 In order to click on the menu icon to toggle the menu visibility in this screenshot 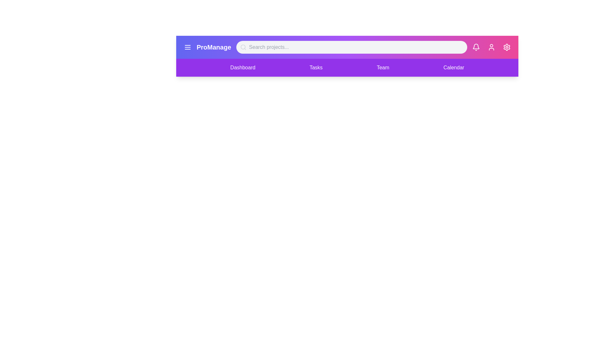, I will do `click(187, 47)`.